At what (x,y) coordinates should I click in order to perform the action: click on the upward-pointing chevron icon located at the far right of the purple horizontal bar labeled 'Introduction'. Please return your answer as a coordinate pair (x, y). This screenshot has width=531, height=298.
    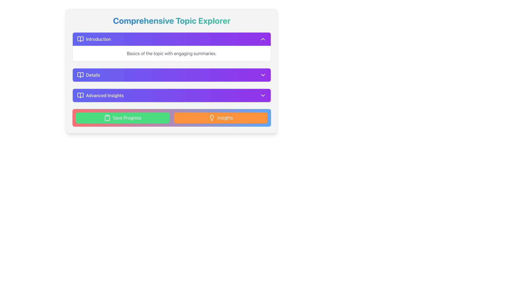
    Looking at the image, I should click on (262, 39).